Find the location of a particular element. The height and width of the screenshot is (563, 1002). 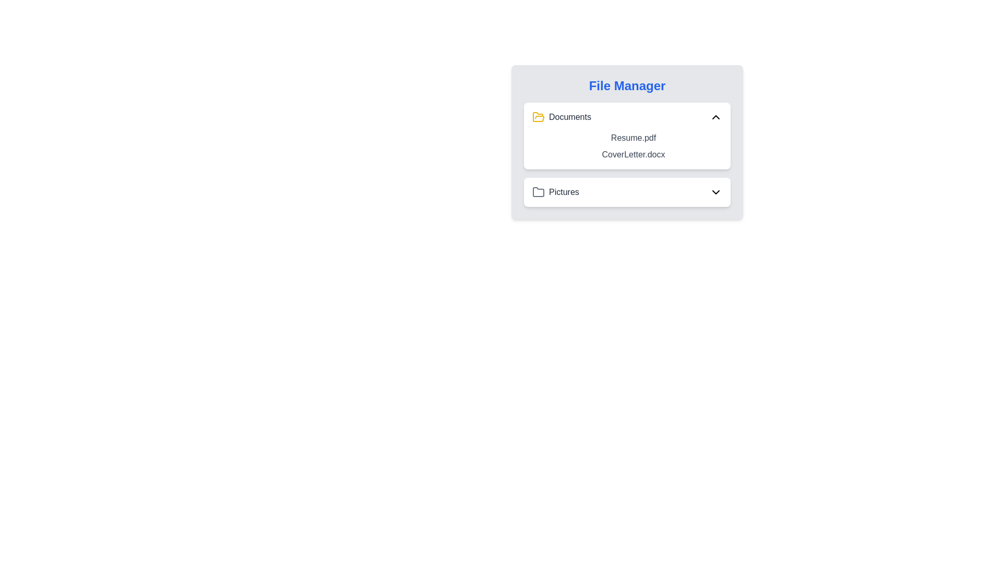

the 'Pictures' folder in the File Manager is located at coordinates (626, 192).